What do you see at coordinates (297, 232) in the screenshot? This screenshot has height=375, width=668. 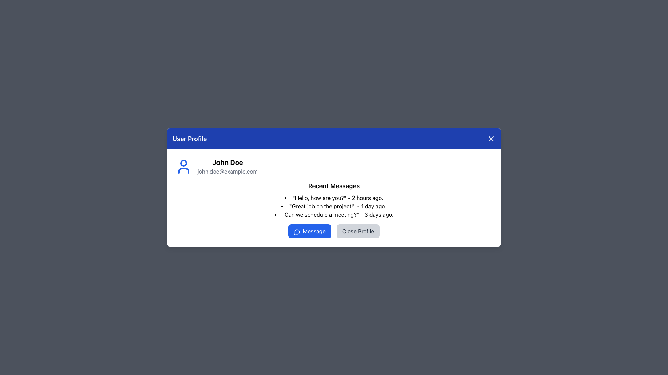 I see `the messaging icon that is located within the dialog box at the bottom, positioned to the left of the 'Message' button and aligned centrally horizontally within the dialog box content` at bounding box center [297, 232].